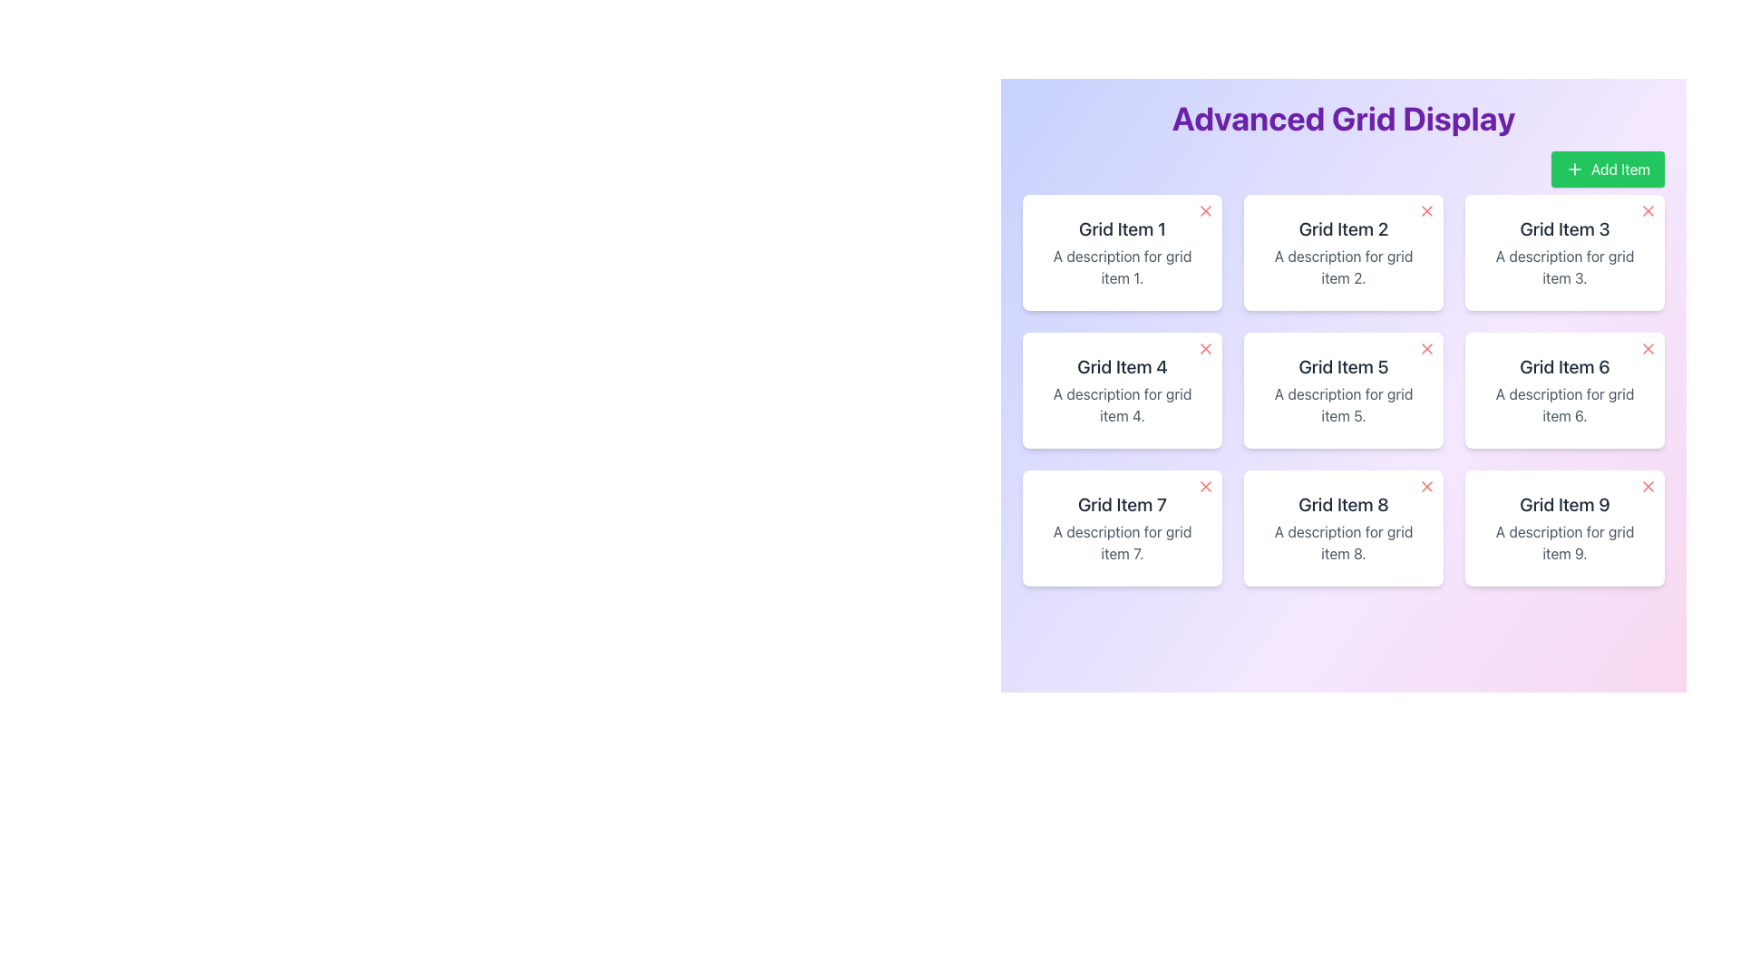  What do you see at coordinates (1649, 349) in the screenshot?
I see `the 'X' icon delete button located at the top right corner of the 'Grid Item 6' card` at bounding box center [1649, 349].